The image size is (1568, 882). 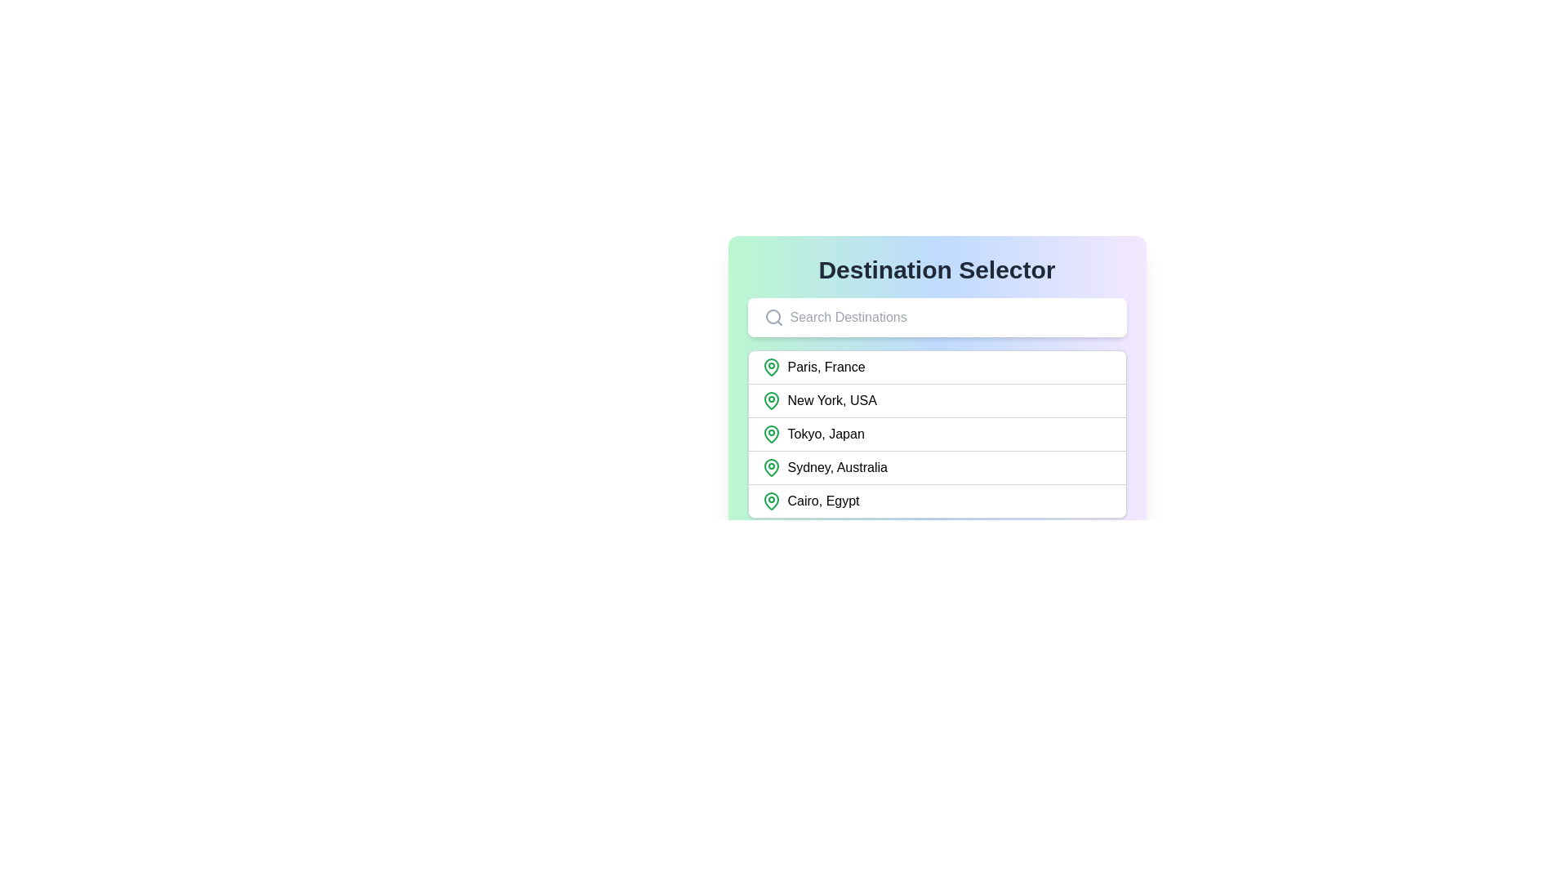 What do you see at coordinates (937, 434) in the screenshot?
I see `the location entry in the destination selector list` at bounding box center [937, 434].